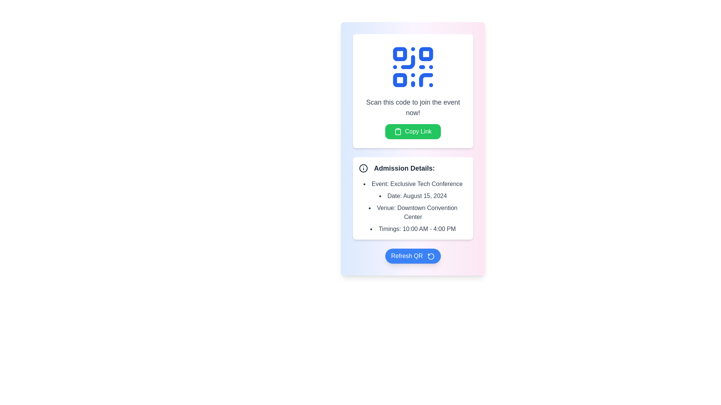 This screenshot has width=721, height=405. What do you see at coordinates (386, 208) in the screenshot?
I see `the Text label in the 'Admission Details' section that identifies the venue information for the event, located above the venue name 'Downtown Convention Center'` at bounding box center [386, 208].